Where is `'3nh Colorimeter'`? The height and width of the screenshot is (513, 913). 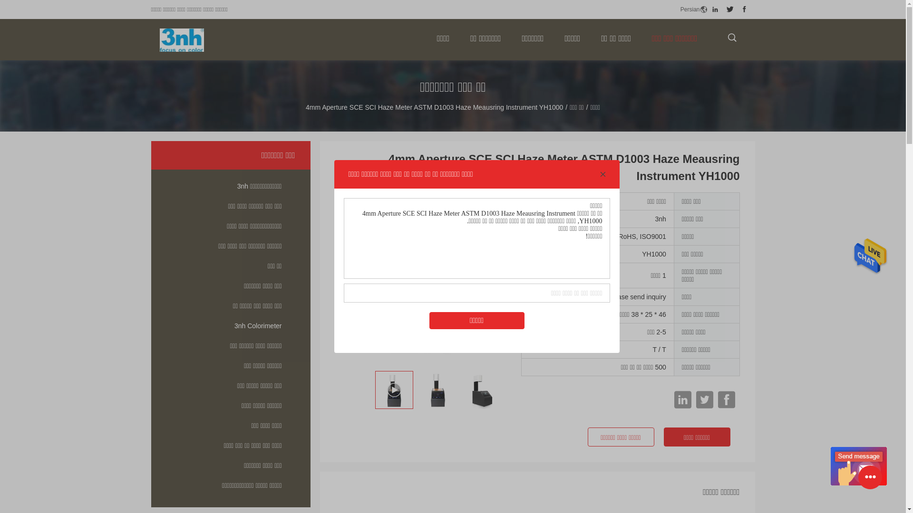 '3nh Colorimeter' is located at coordinates (231, 325).